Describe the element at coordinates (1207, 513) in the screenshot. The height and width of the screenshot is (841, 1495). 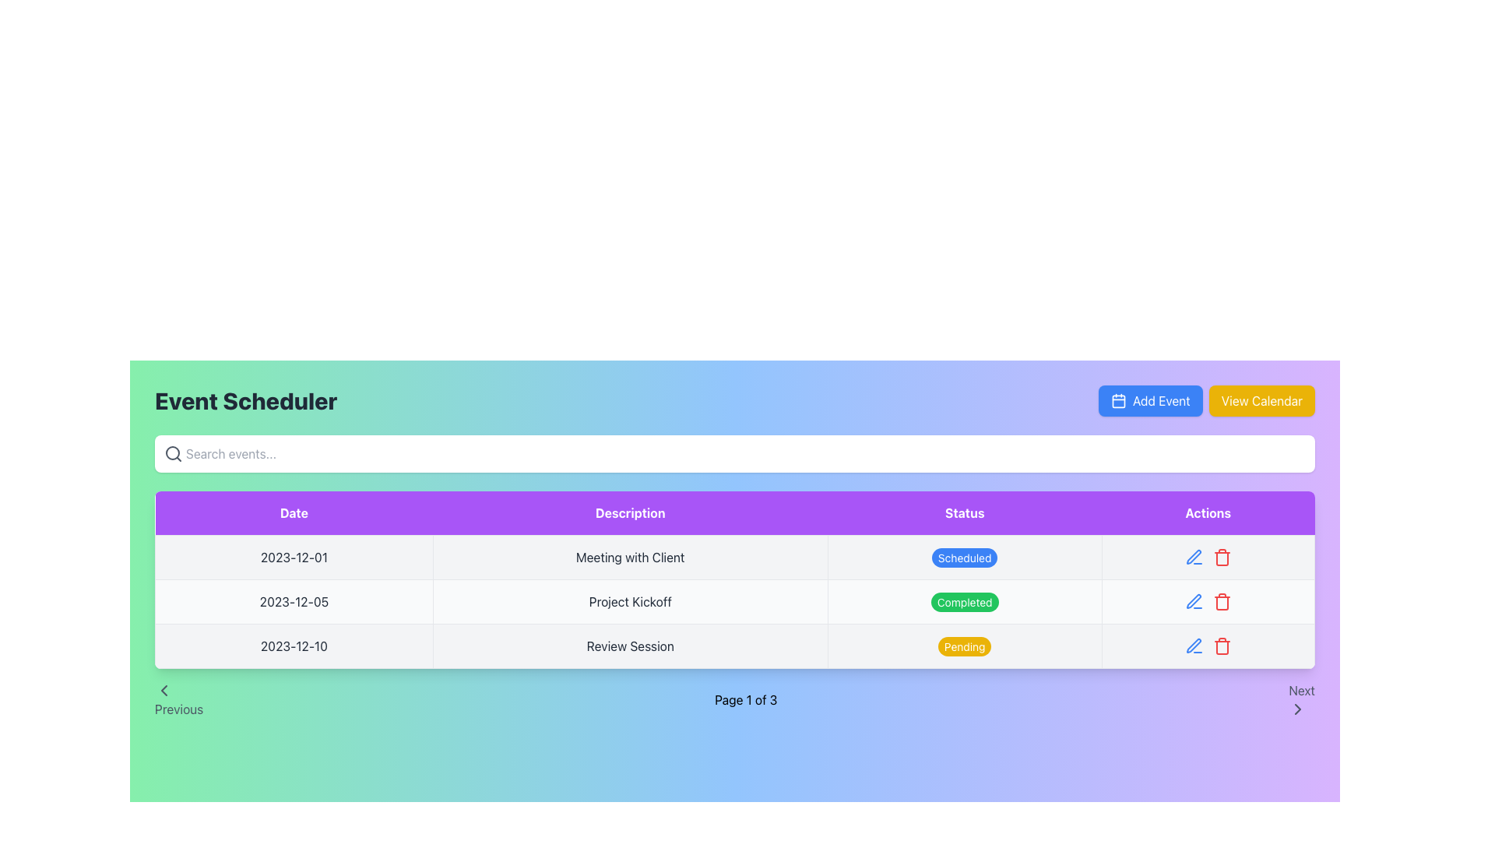
I see `the 'Actions' header label in the table, which is the fourth label in a horizontal arrangement with 'Date', 'Description', and 'Status' as its siblings` at that location.